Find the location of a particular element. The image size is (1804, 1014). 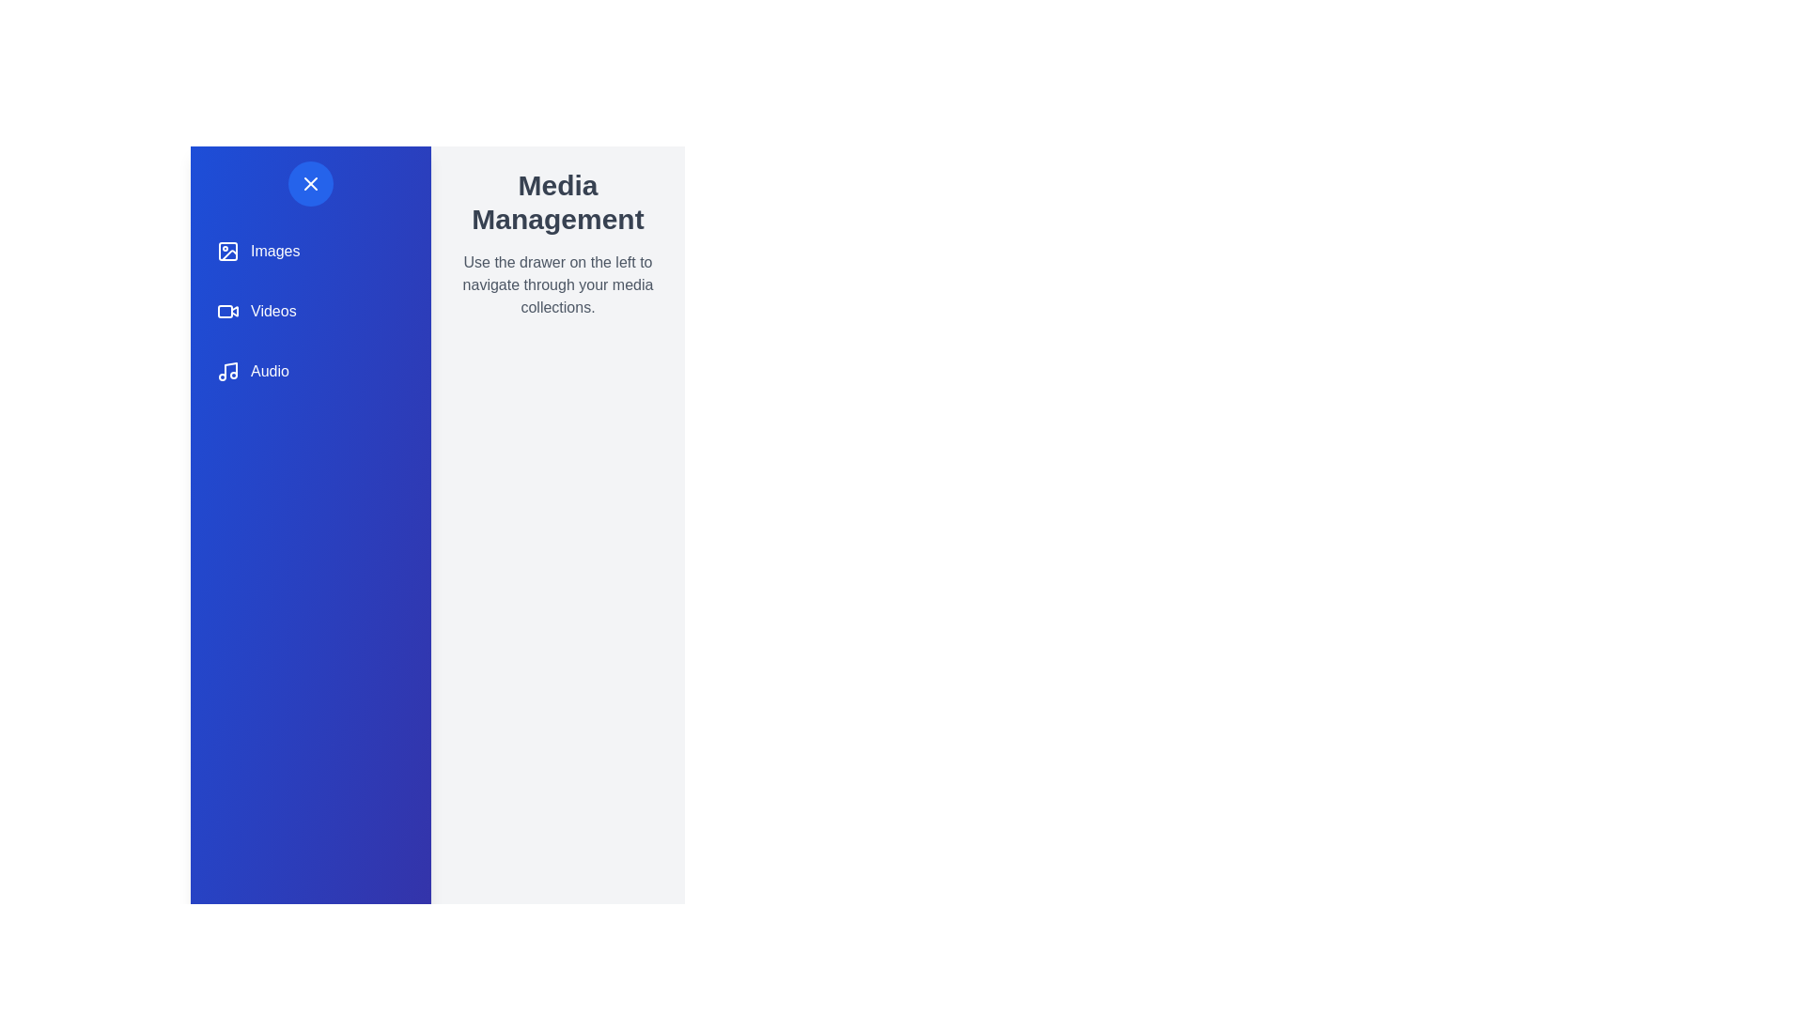

the 'Audio' icon in the sidebar navigation menu is located at coordinates (227, 372).